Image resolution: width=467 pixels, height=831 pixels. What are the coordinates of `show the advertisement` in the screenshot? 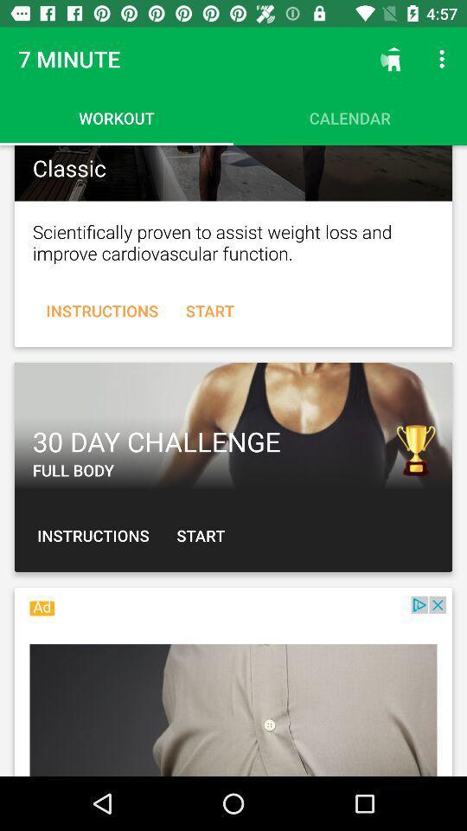 It's located at (233, 686).